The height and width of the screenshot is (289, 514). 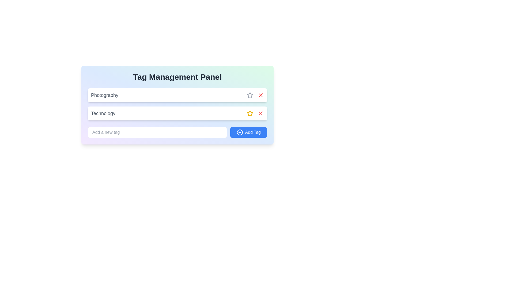 What do you see at coordinates (105, 95) in the screenshot?
I see `the text label displaying 'Photography', which is the first item in the list under the 'Tag Management Panel'` at bounding box center [105, 95].